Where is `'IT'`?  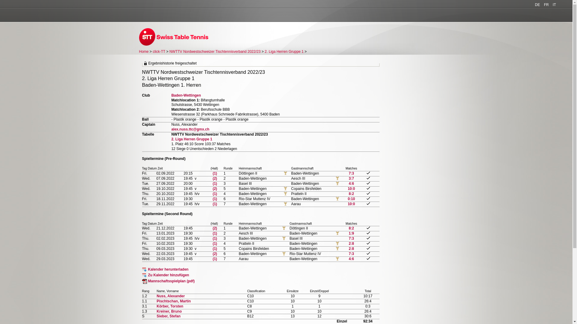 'IT' is located at coordinates (554, 4).